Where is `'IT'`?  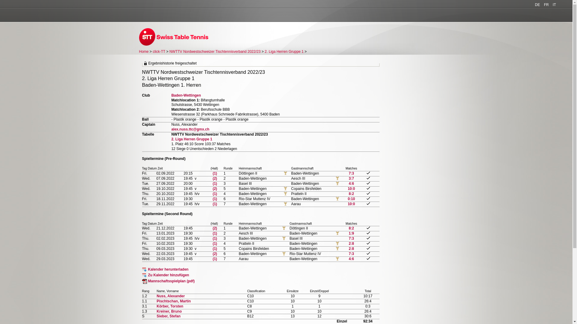 'IT' is located at coordinates (554, 4).